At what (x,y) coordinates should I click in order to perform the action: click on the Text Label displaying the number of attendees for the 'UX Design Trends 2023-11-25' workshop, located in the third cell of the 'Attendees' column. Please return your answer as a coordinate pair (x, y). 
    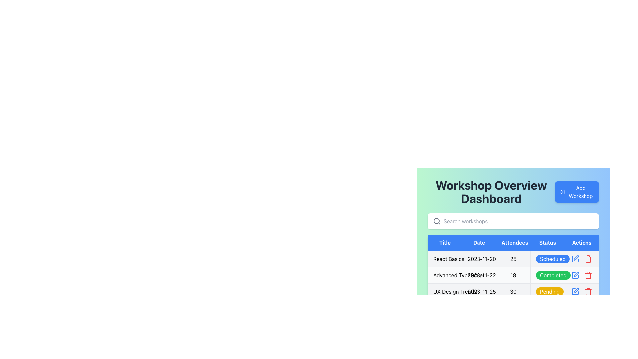
    Looking at the image, I should click on (513, 291).